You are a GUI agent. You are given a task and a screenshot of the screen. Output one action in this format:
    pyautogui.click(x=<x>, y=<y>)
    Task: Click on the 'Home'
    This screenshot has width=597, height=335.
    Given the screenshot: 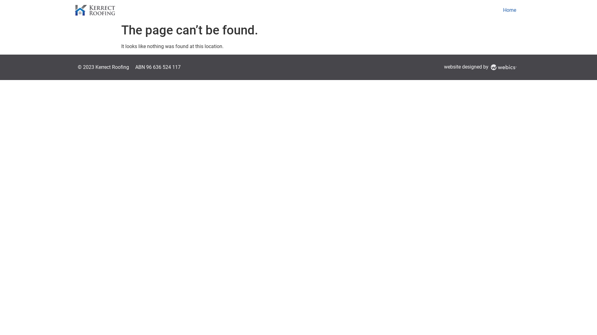 What is the action you would take?
    pyautogui.click(x=509, y=10)
    